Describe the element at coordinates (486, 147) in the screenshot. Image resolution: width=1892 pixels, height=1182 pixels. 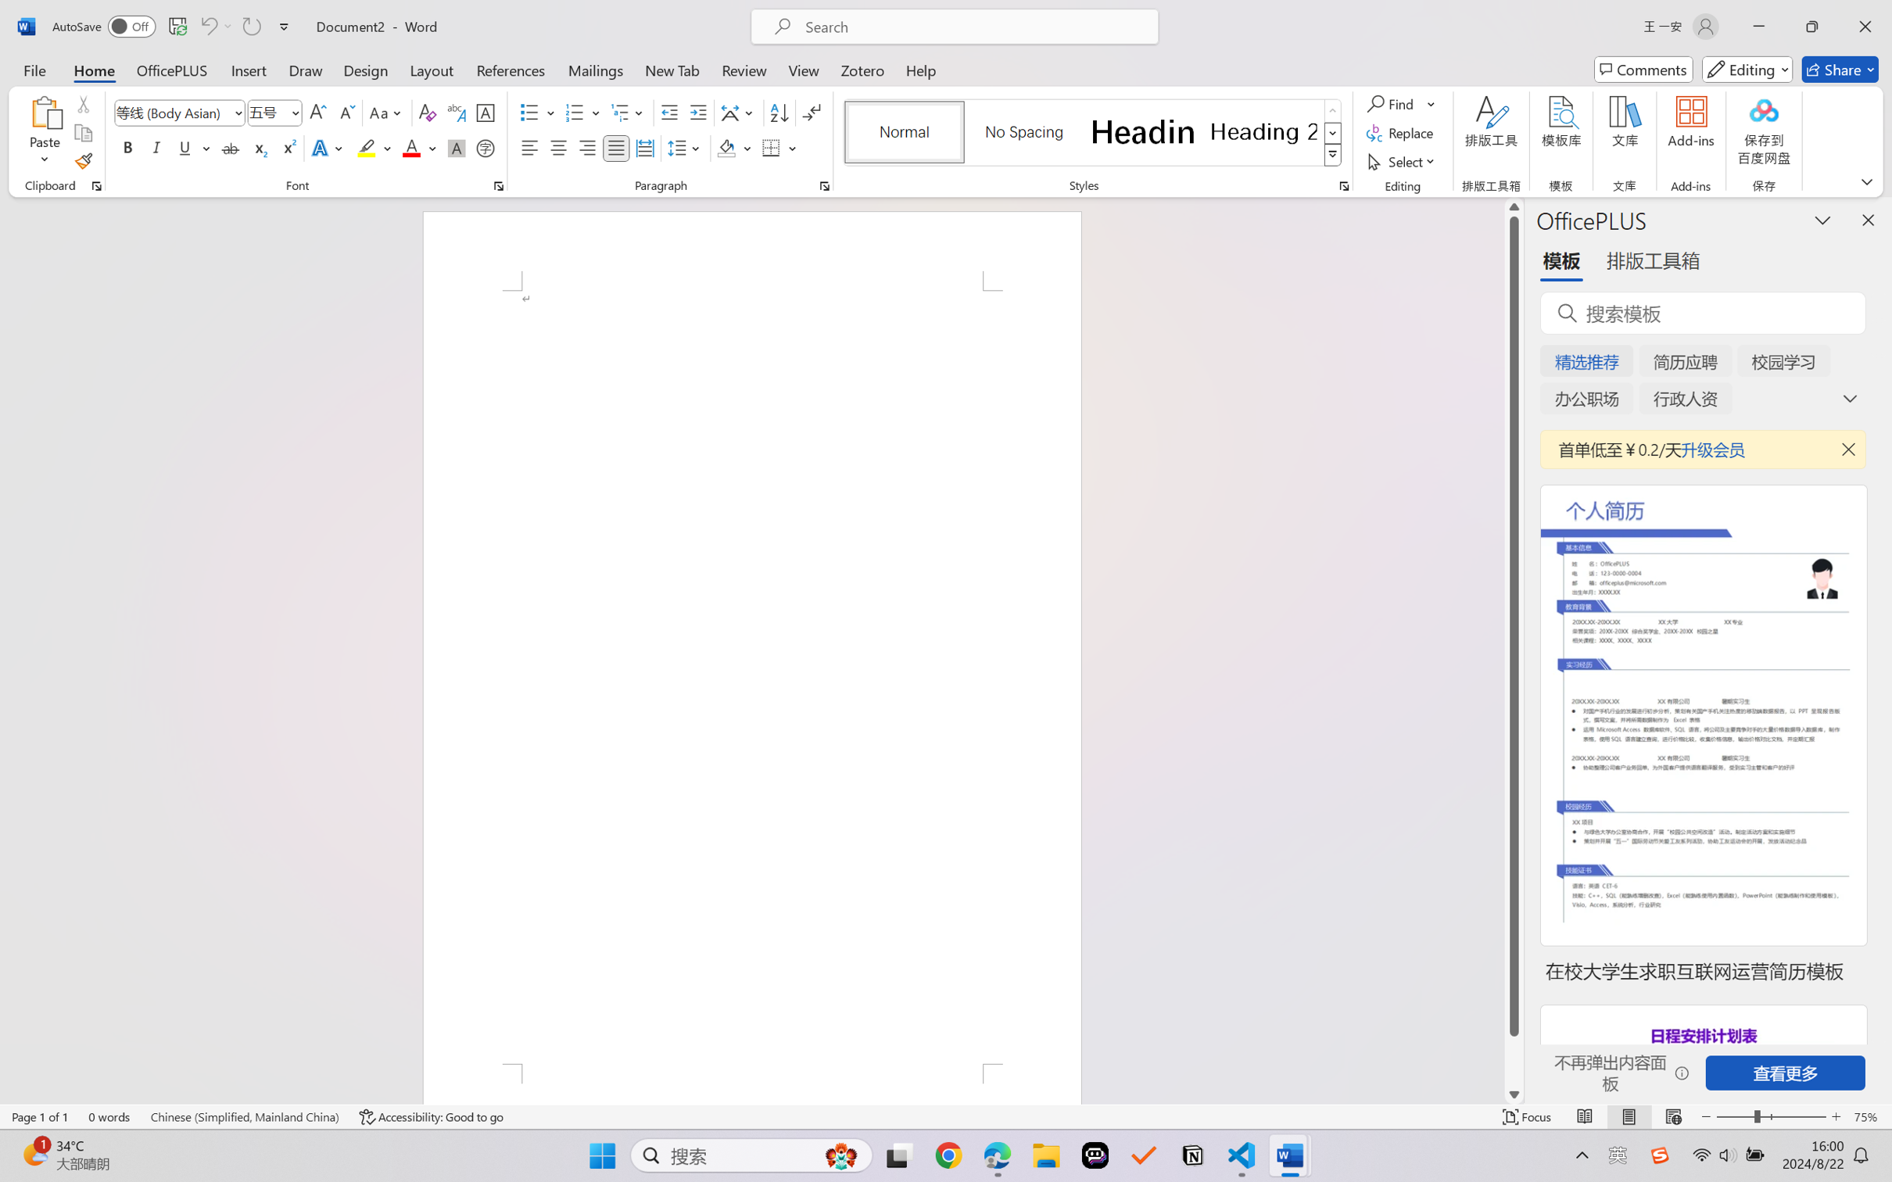
I see `'Enclose Characters...'` at that location.